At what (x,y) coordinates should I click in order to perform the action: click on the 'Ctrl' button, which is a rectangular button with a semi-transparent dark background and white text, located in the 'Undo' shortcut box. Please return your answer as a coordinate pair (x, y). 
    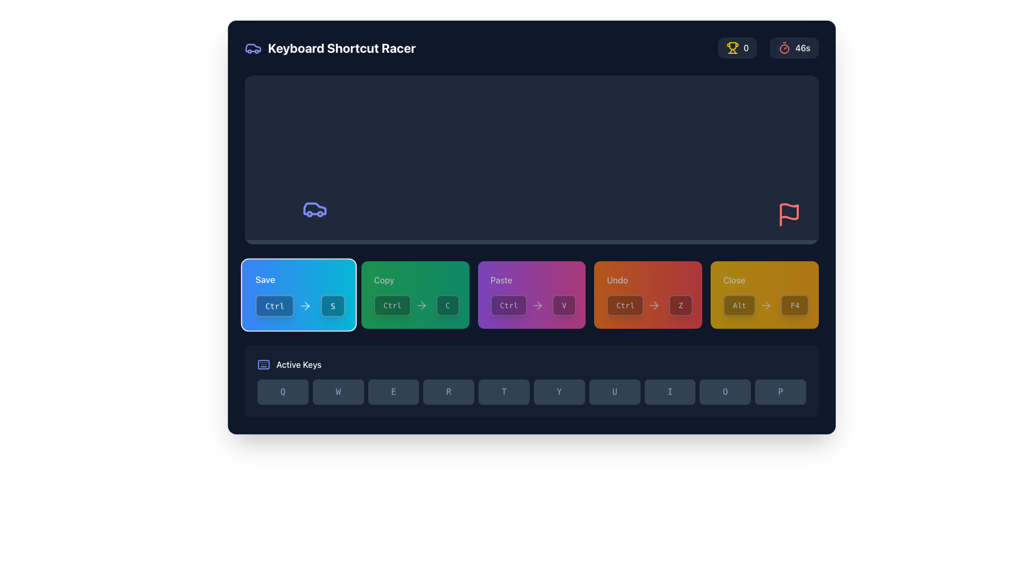
    Looking at the image, I should click on (635, 305).